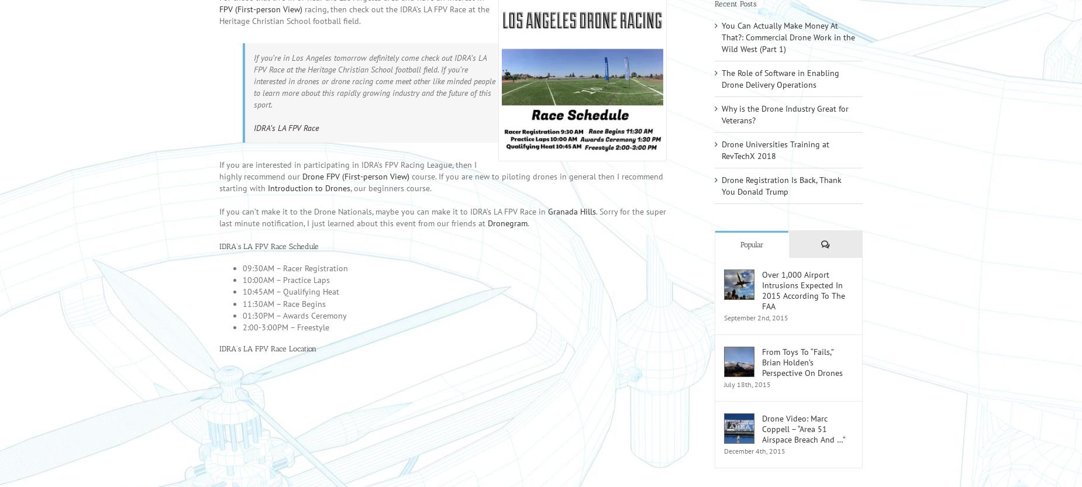 The height and width of the screenshot is (487, 1082). I want to click on 'Drone Registration Is Back, Thank You Donald Trump', so click(781, 201).